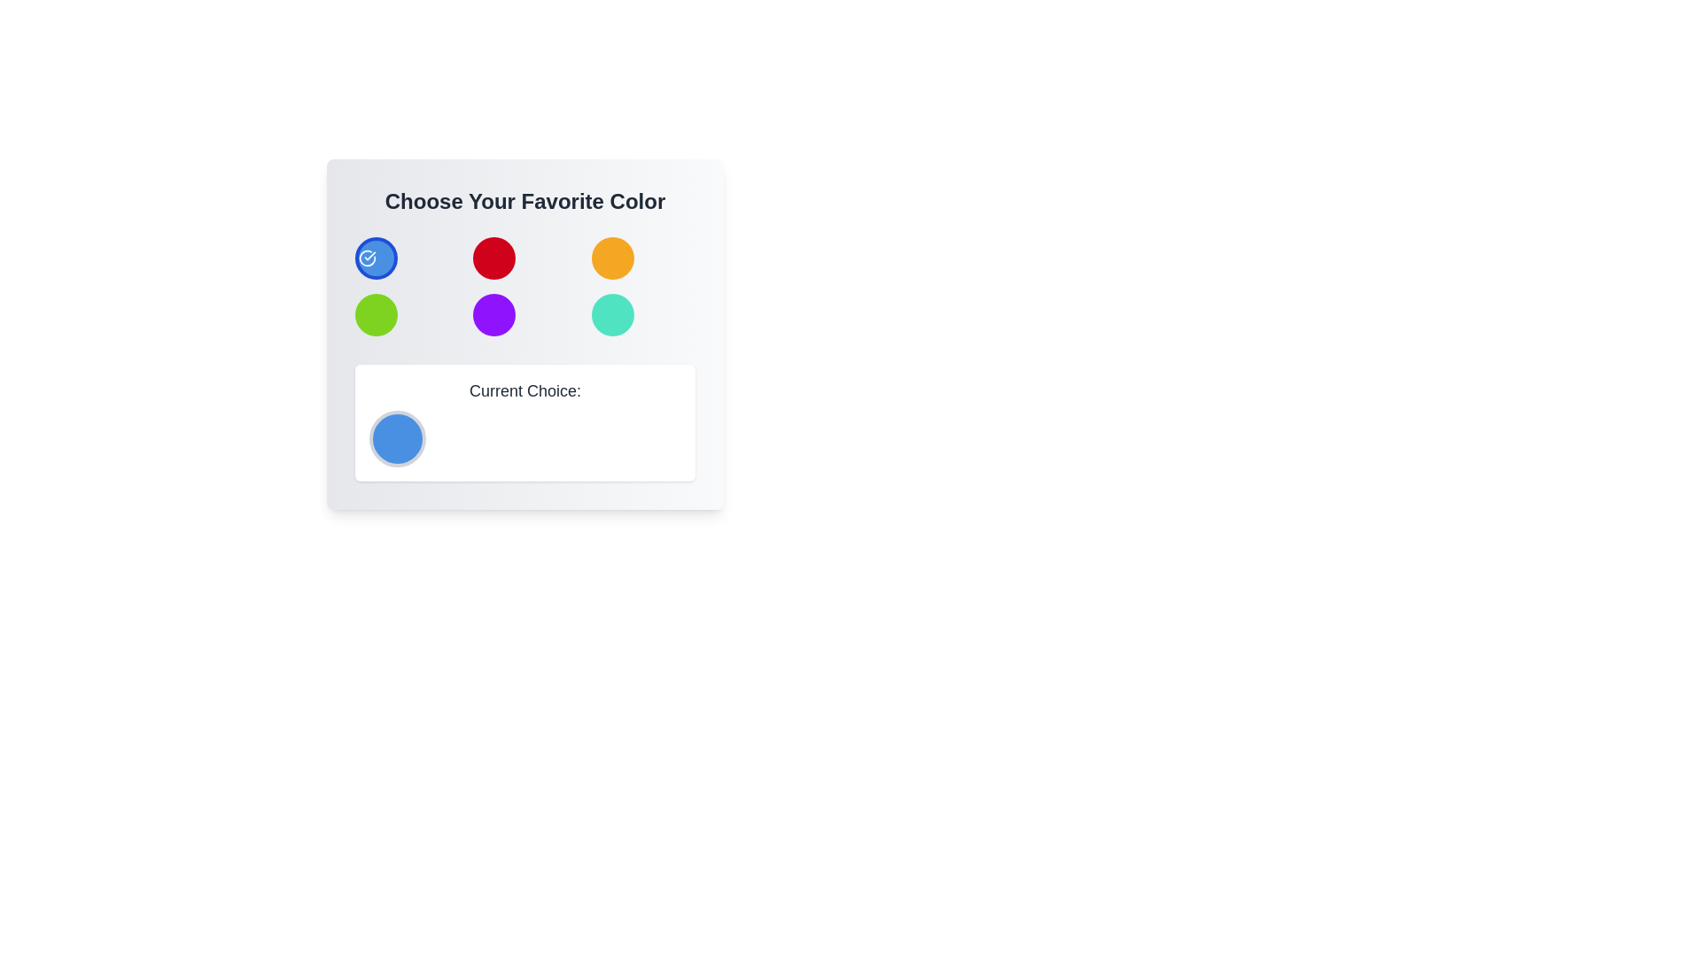  I want to click on the blue circular button with a white checkmark, so click(376, 258).